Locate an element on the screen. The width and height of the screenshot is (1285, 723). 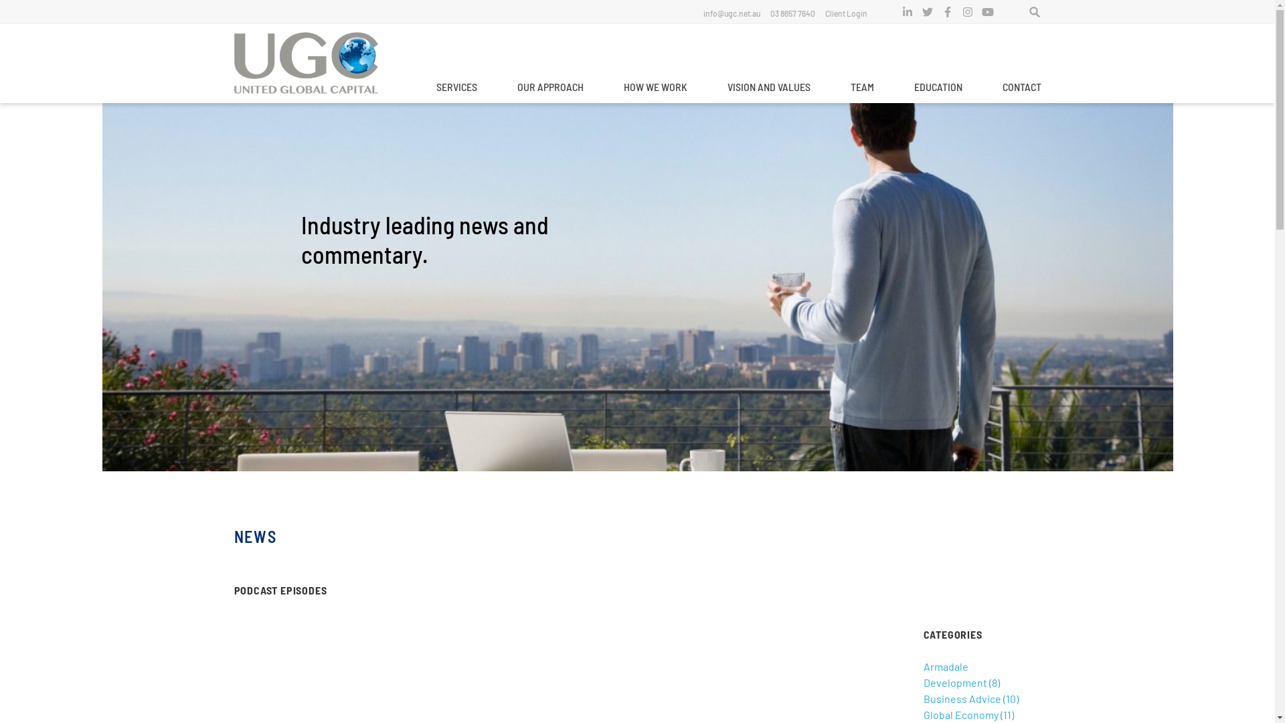
'View United Global Capital's Facebook Page' is located at coordinates (947, 12).